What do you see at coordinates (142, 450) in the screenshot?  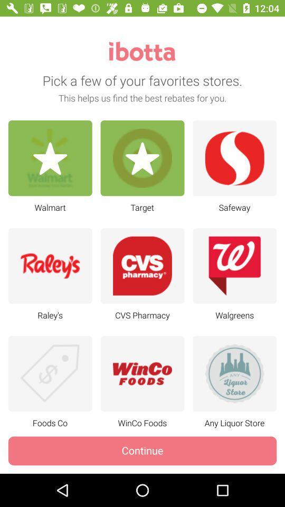 I see `the continue icon` at bounding box center [142, 450].